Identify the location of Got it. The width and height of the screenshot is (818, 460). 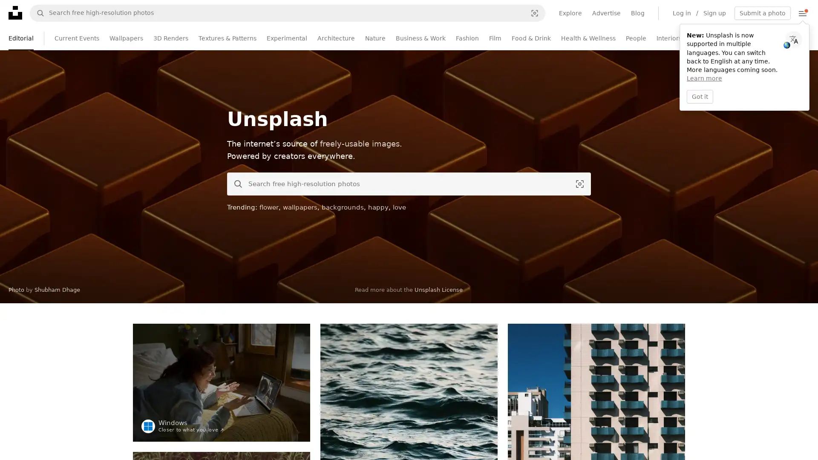
(700, 96).